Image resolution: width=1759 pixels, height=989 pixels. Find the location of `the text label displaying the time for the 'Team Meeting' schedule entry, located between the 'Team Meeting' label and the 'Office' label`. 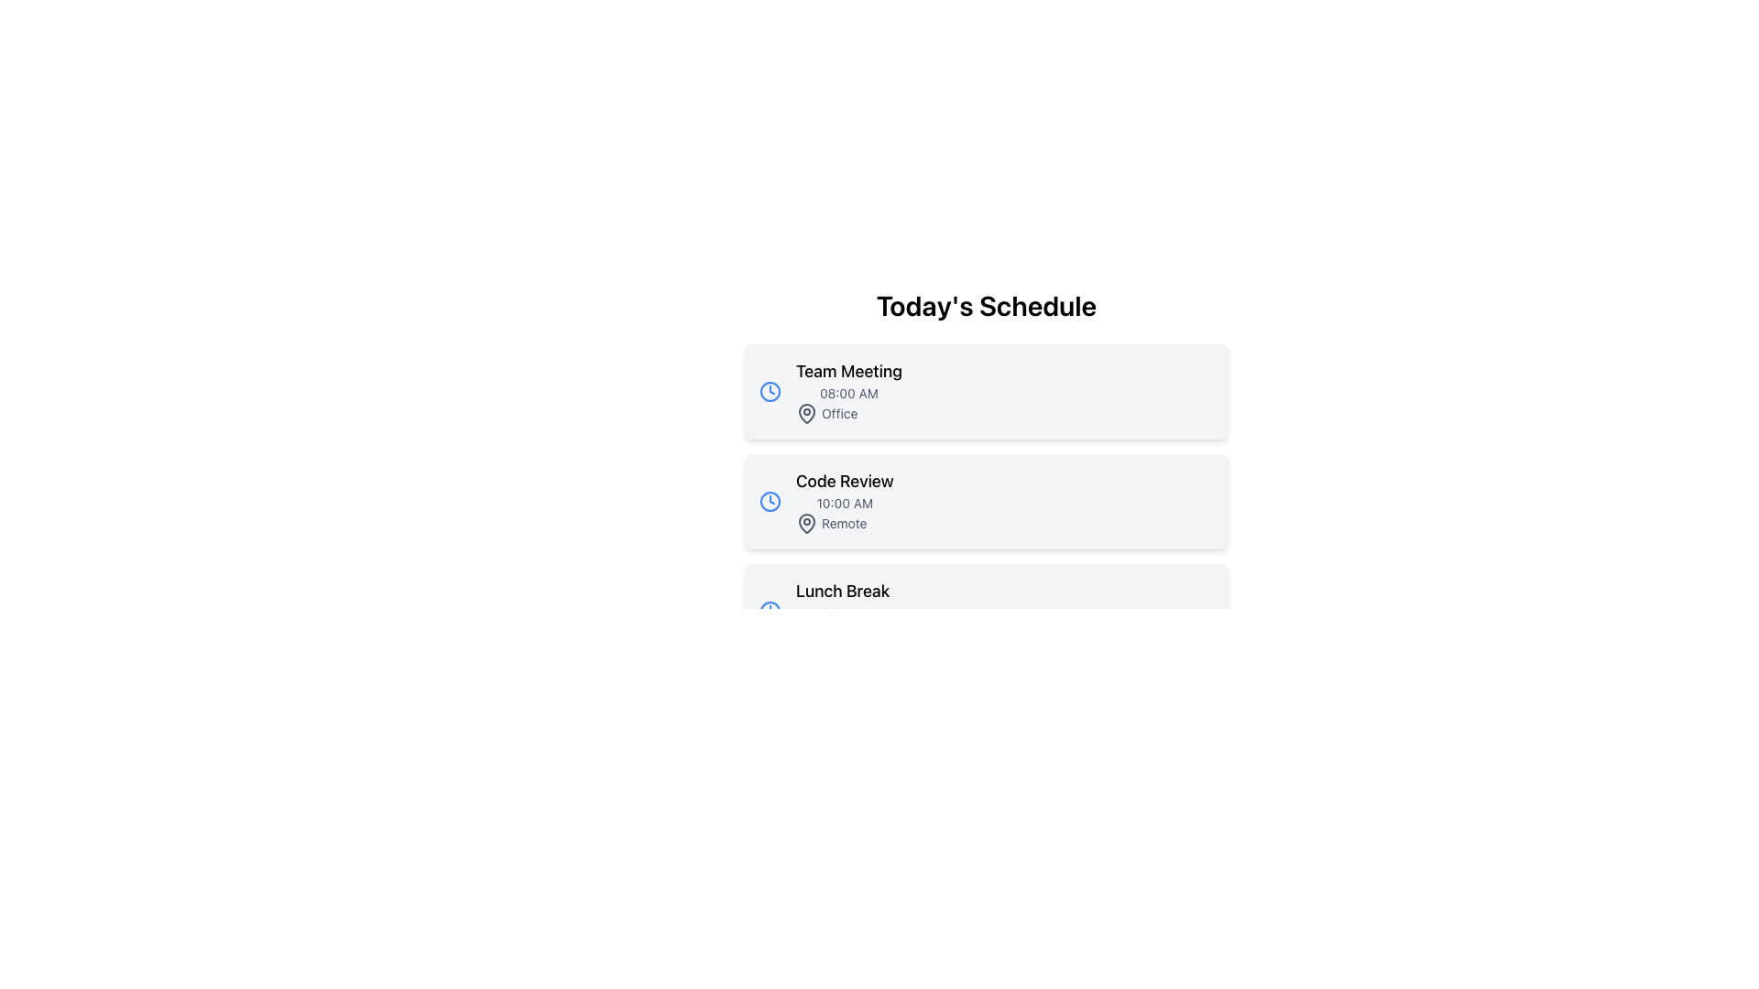

the text label displaying the time for the 'Team Meeting' schedule entry, located between the 'Team Meeting' label and the 'Office' label is located at coordinates (847, 392).